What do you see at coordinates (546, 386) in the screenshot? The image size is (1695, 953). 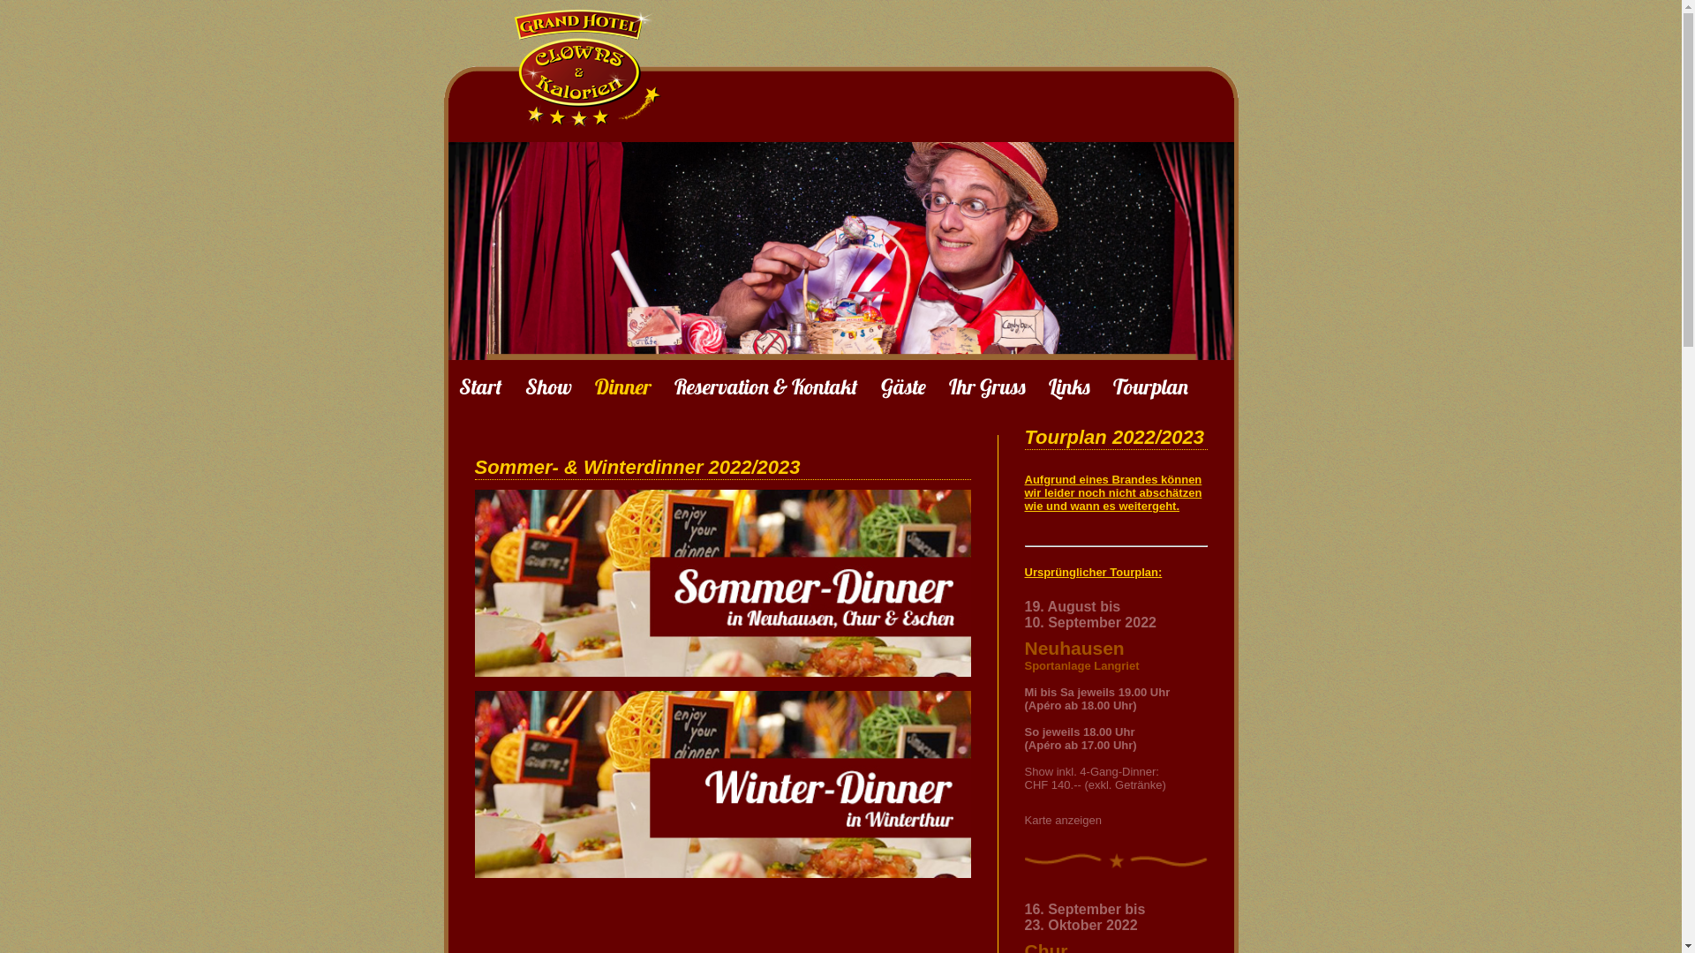 I see `'Show'` at bounding box center [546, 386].